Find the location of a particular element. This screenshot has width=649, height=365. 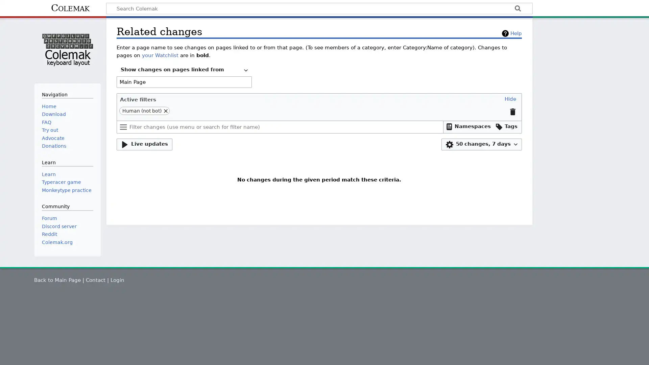

Filter results by namespace is located at coordinates (468, 126).